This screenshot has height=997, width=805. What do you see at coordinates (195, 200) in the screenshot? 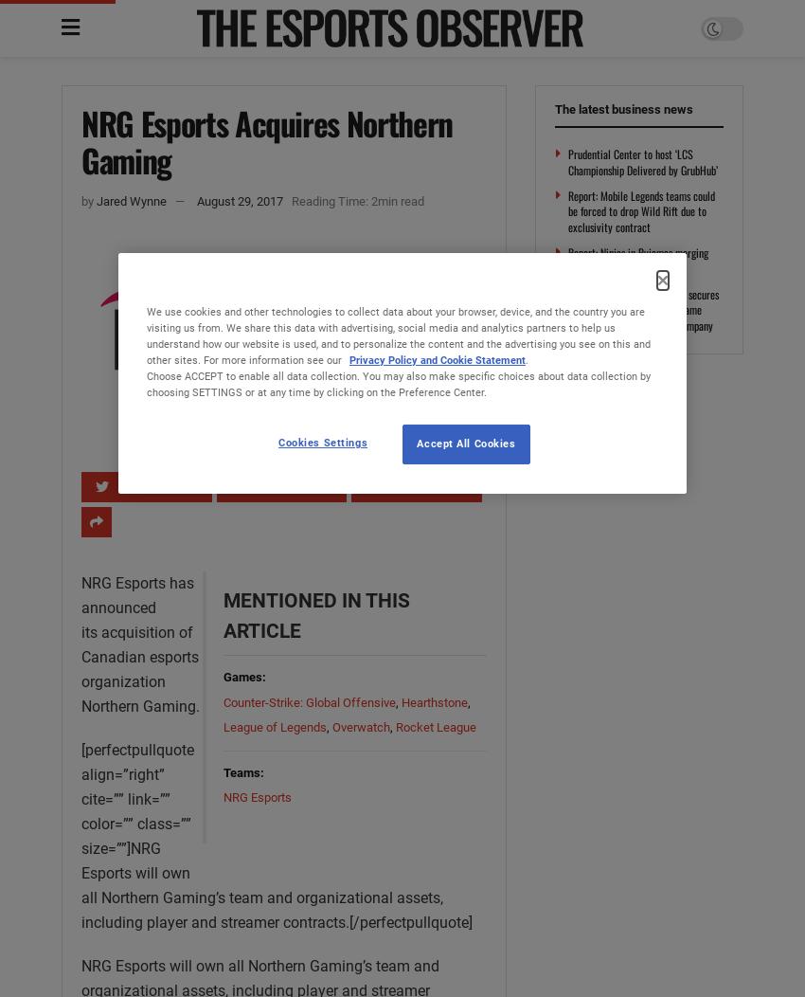
I see `'August 29, 2017'` at bounding box center [195, 200].